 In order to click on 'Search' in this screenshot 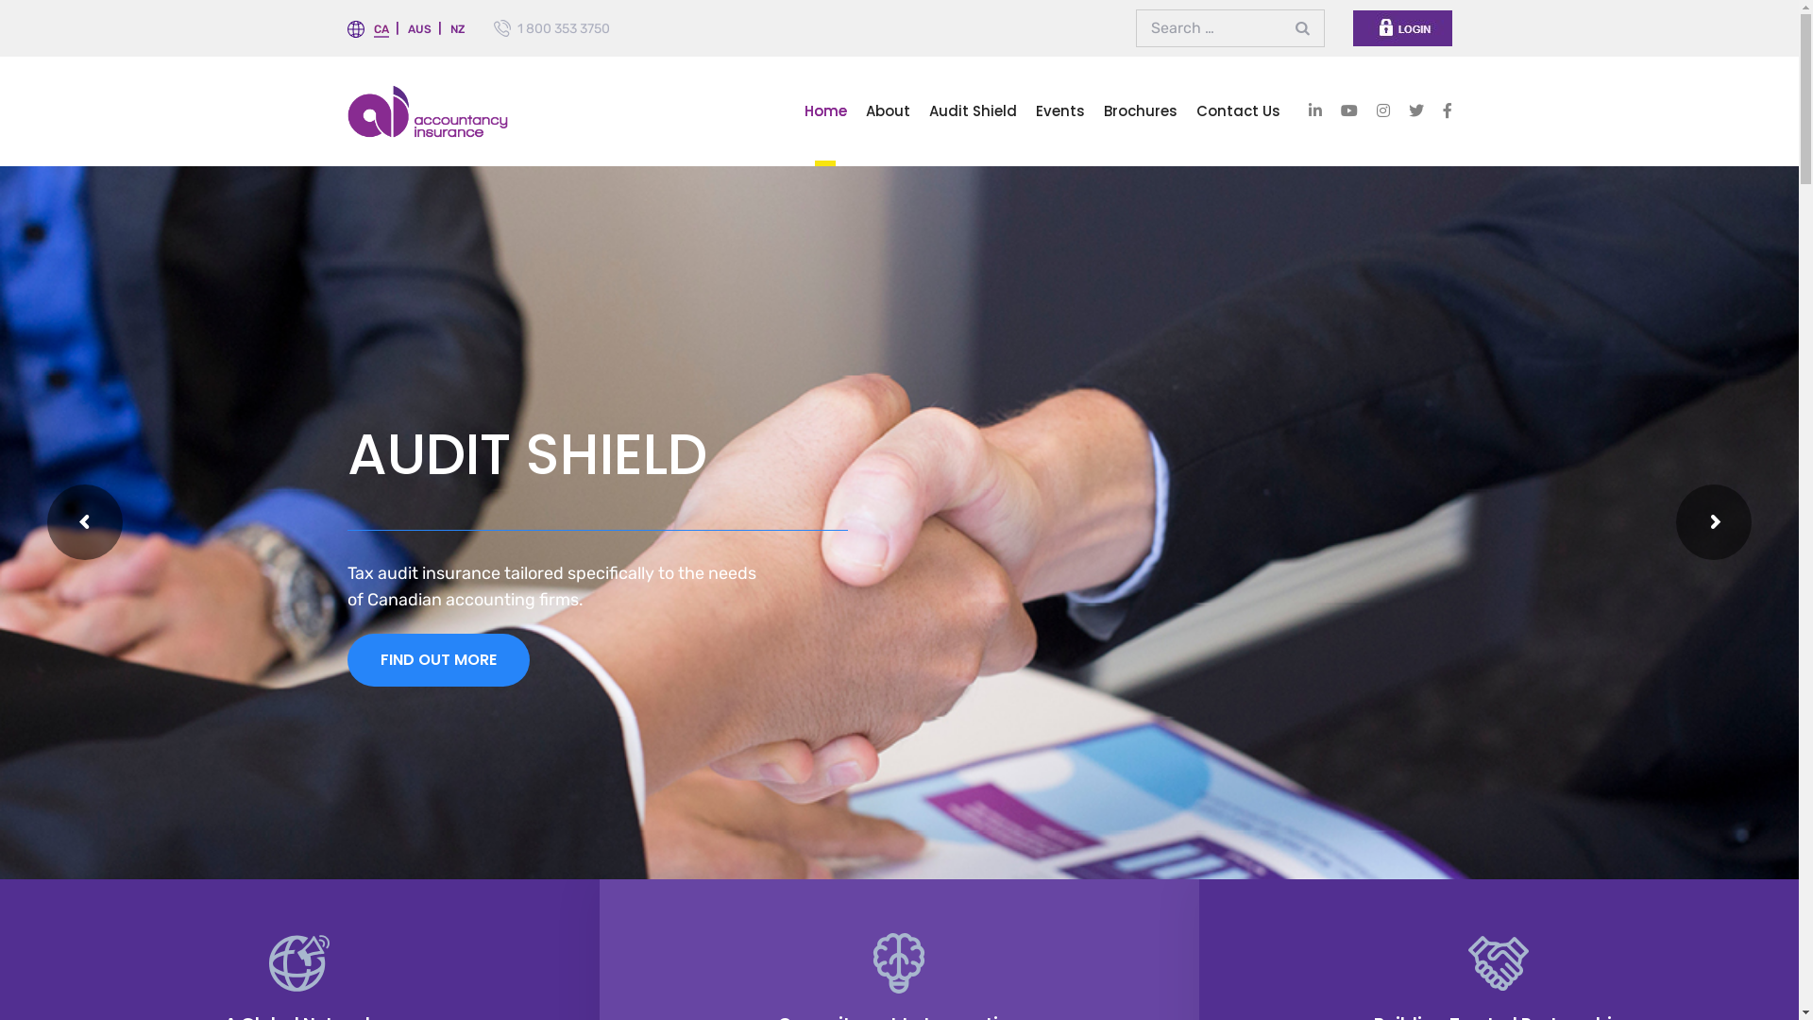, I will do `click(1304, 27)`.